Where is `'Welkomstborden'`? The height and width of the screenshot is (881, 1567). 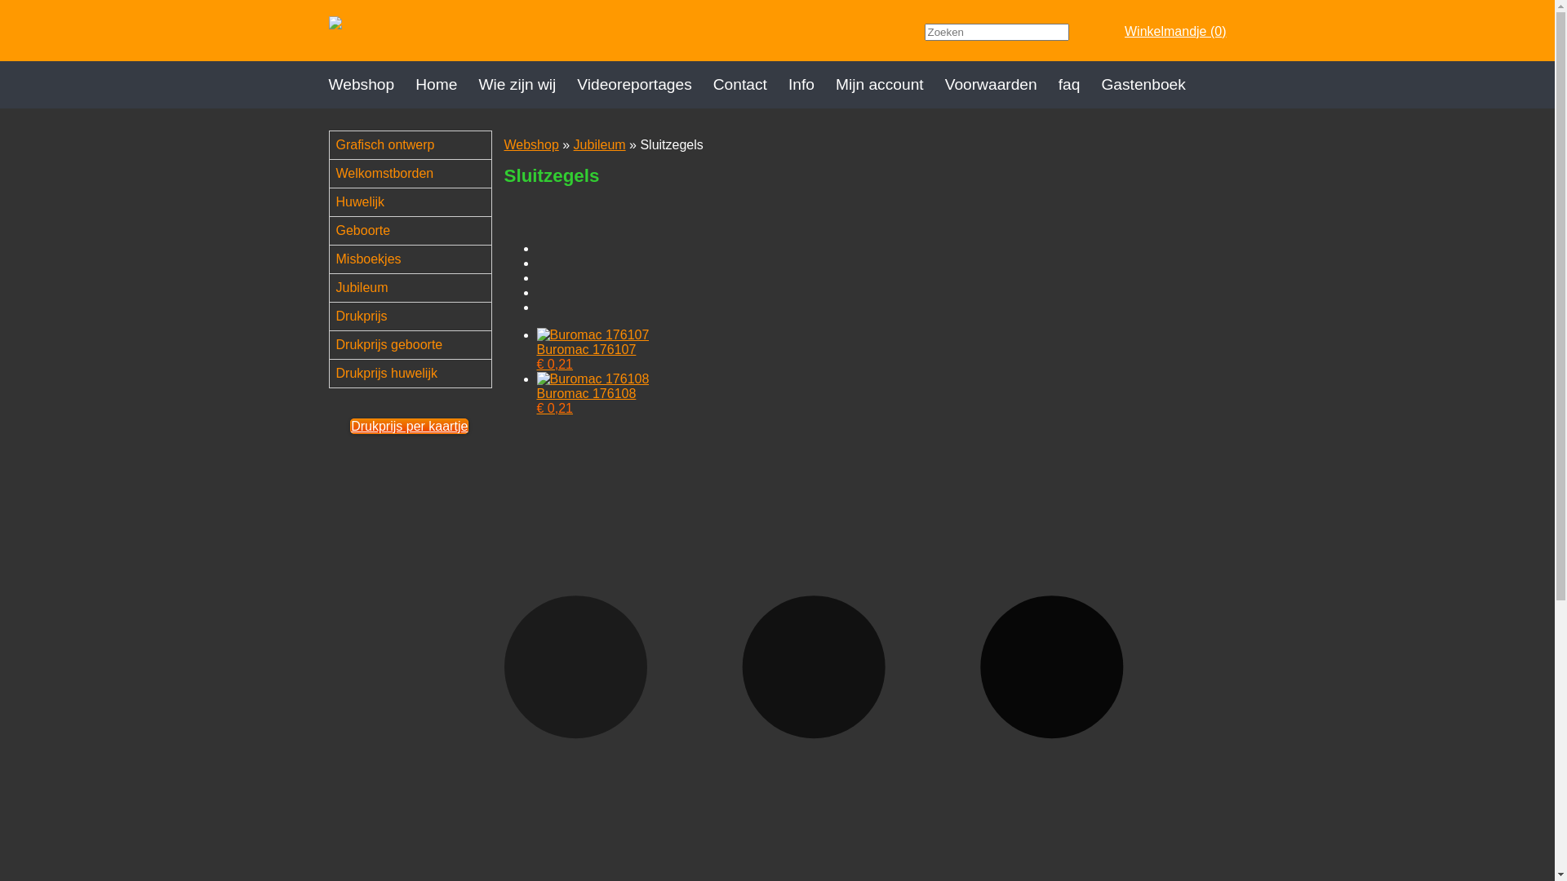
'Welkomstborden' is located at coordinates (416, 173).